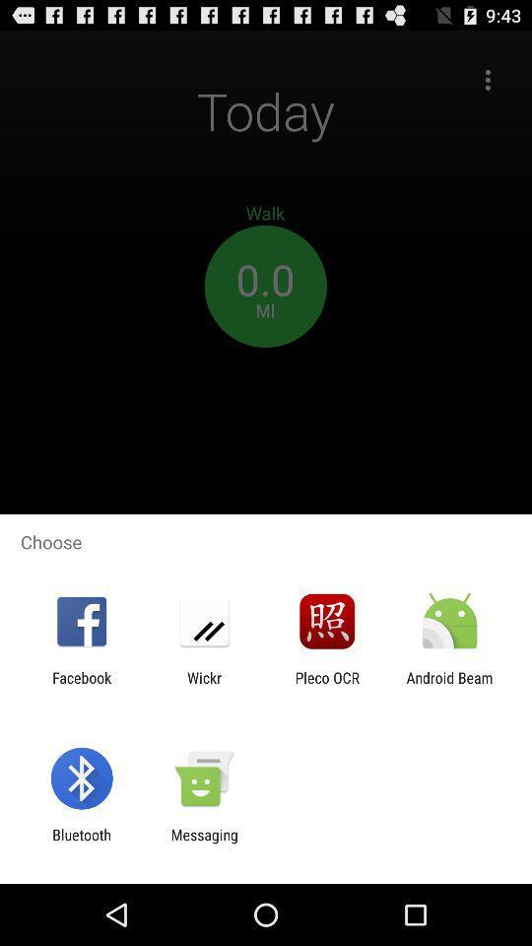 This screenshot has width=532, height=946. I want to click on app to the right of facebook app, so click(203, 686).